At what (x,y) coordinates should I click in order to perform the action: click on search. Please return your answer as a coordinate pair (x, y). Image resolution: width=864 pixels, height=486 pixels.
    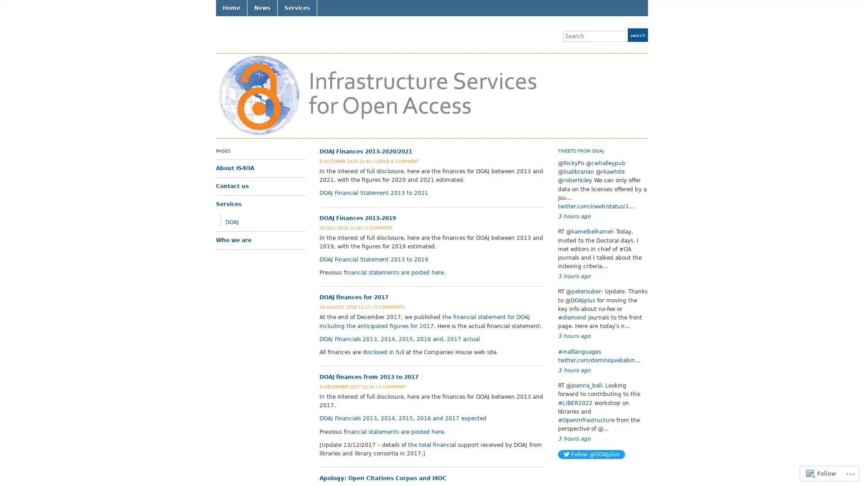
    Looking at the image, I should click on (637, 34).